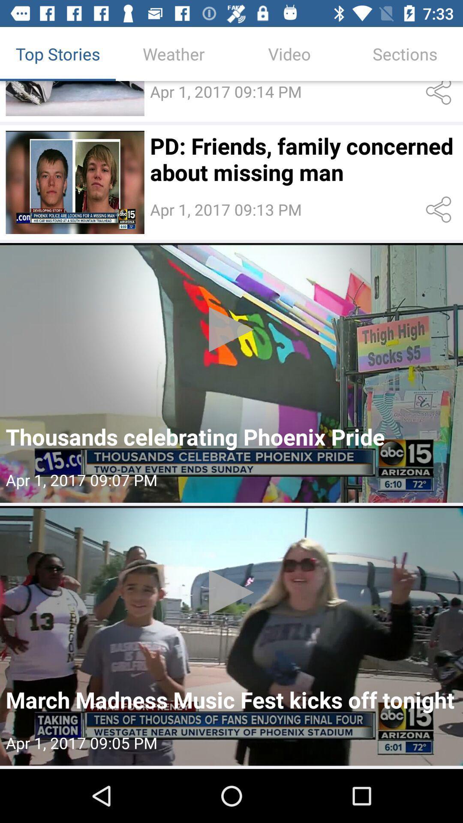  What do you see at coordinates (440, 95) in the screenshot?
I see `share` at bounding box center [440, 95].